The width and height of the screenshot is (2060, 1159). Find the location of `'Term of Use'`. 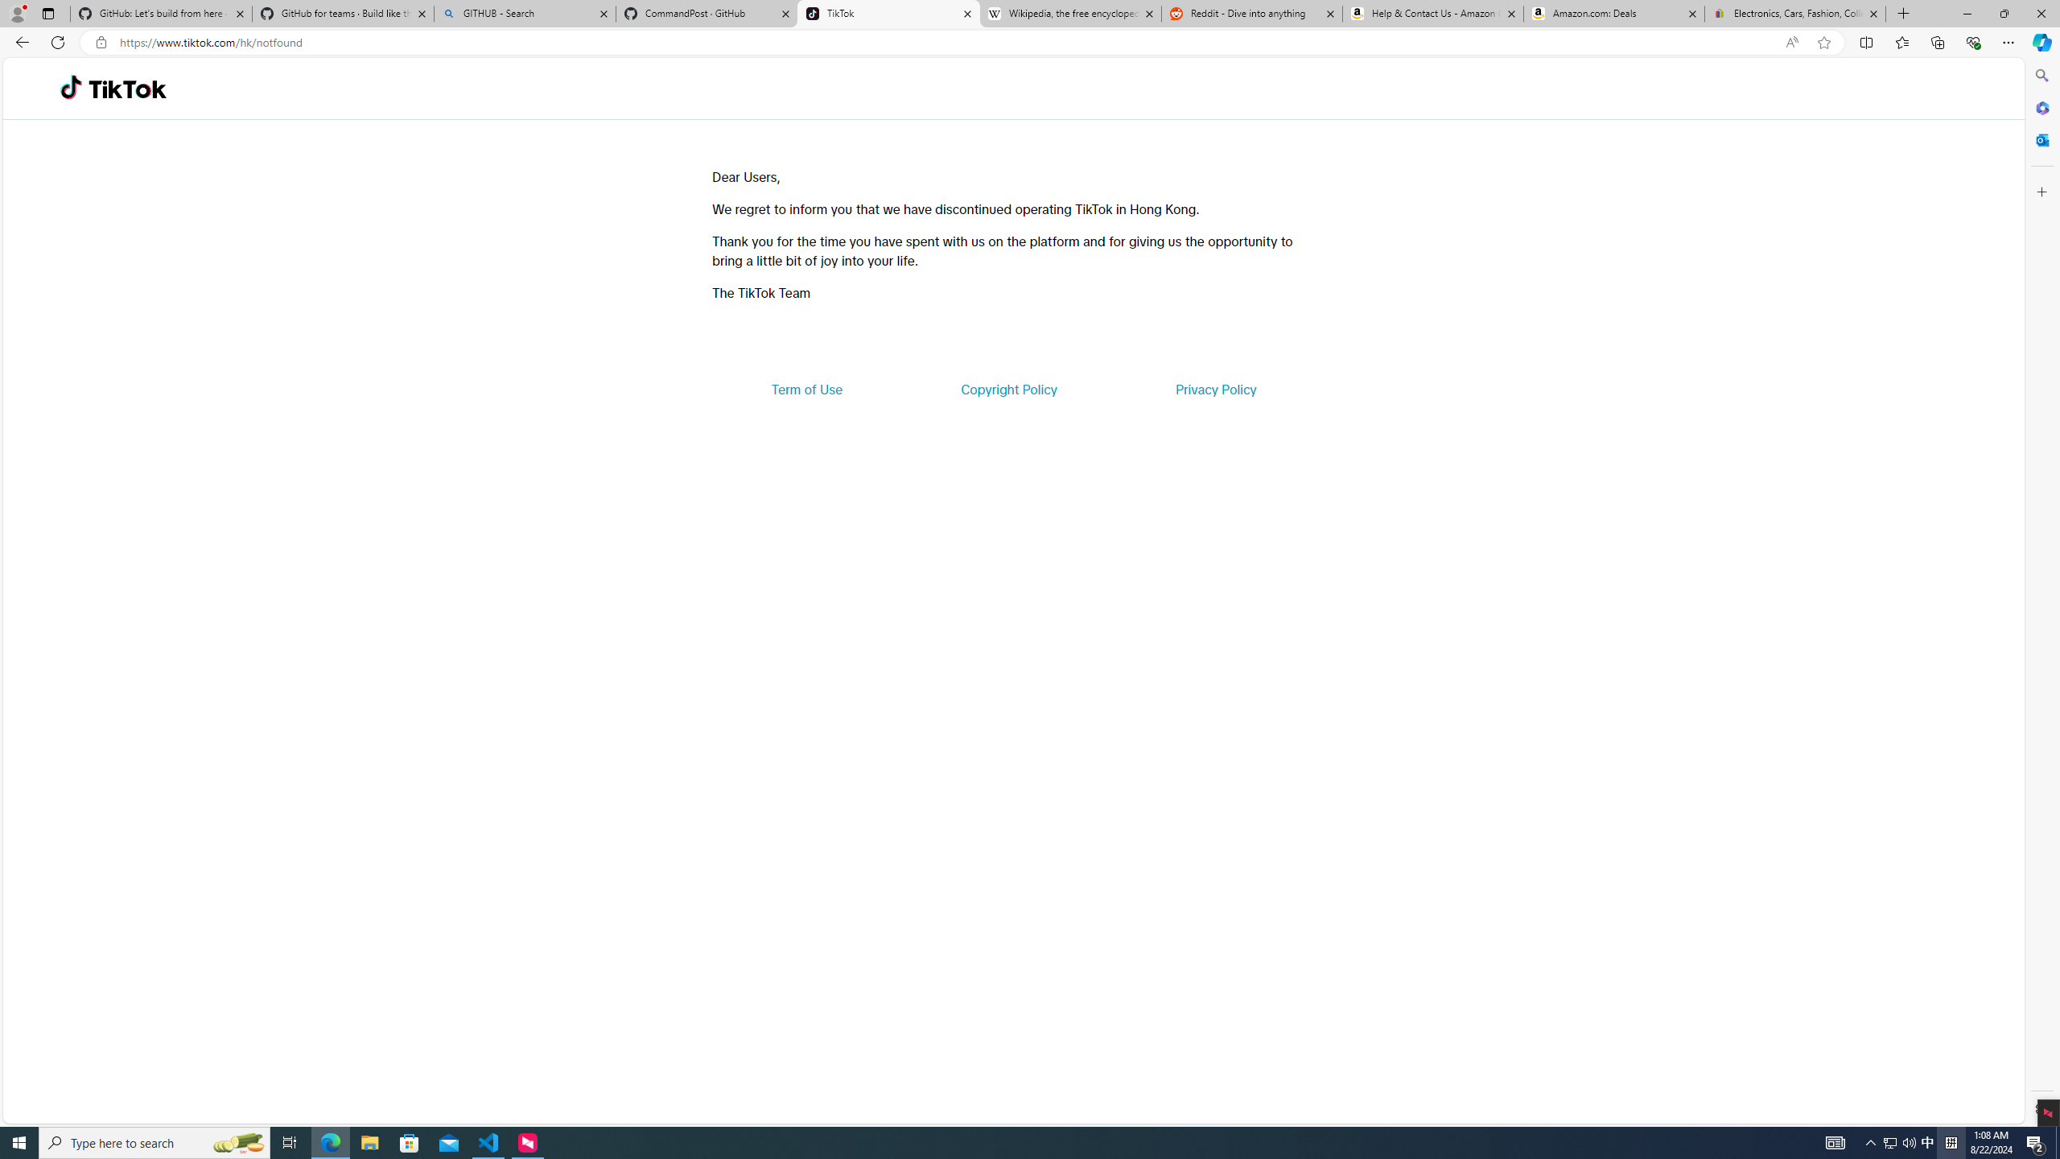

'Term of Use' is located at coordinates (806, 388).